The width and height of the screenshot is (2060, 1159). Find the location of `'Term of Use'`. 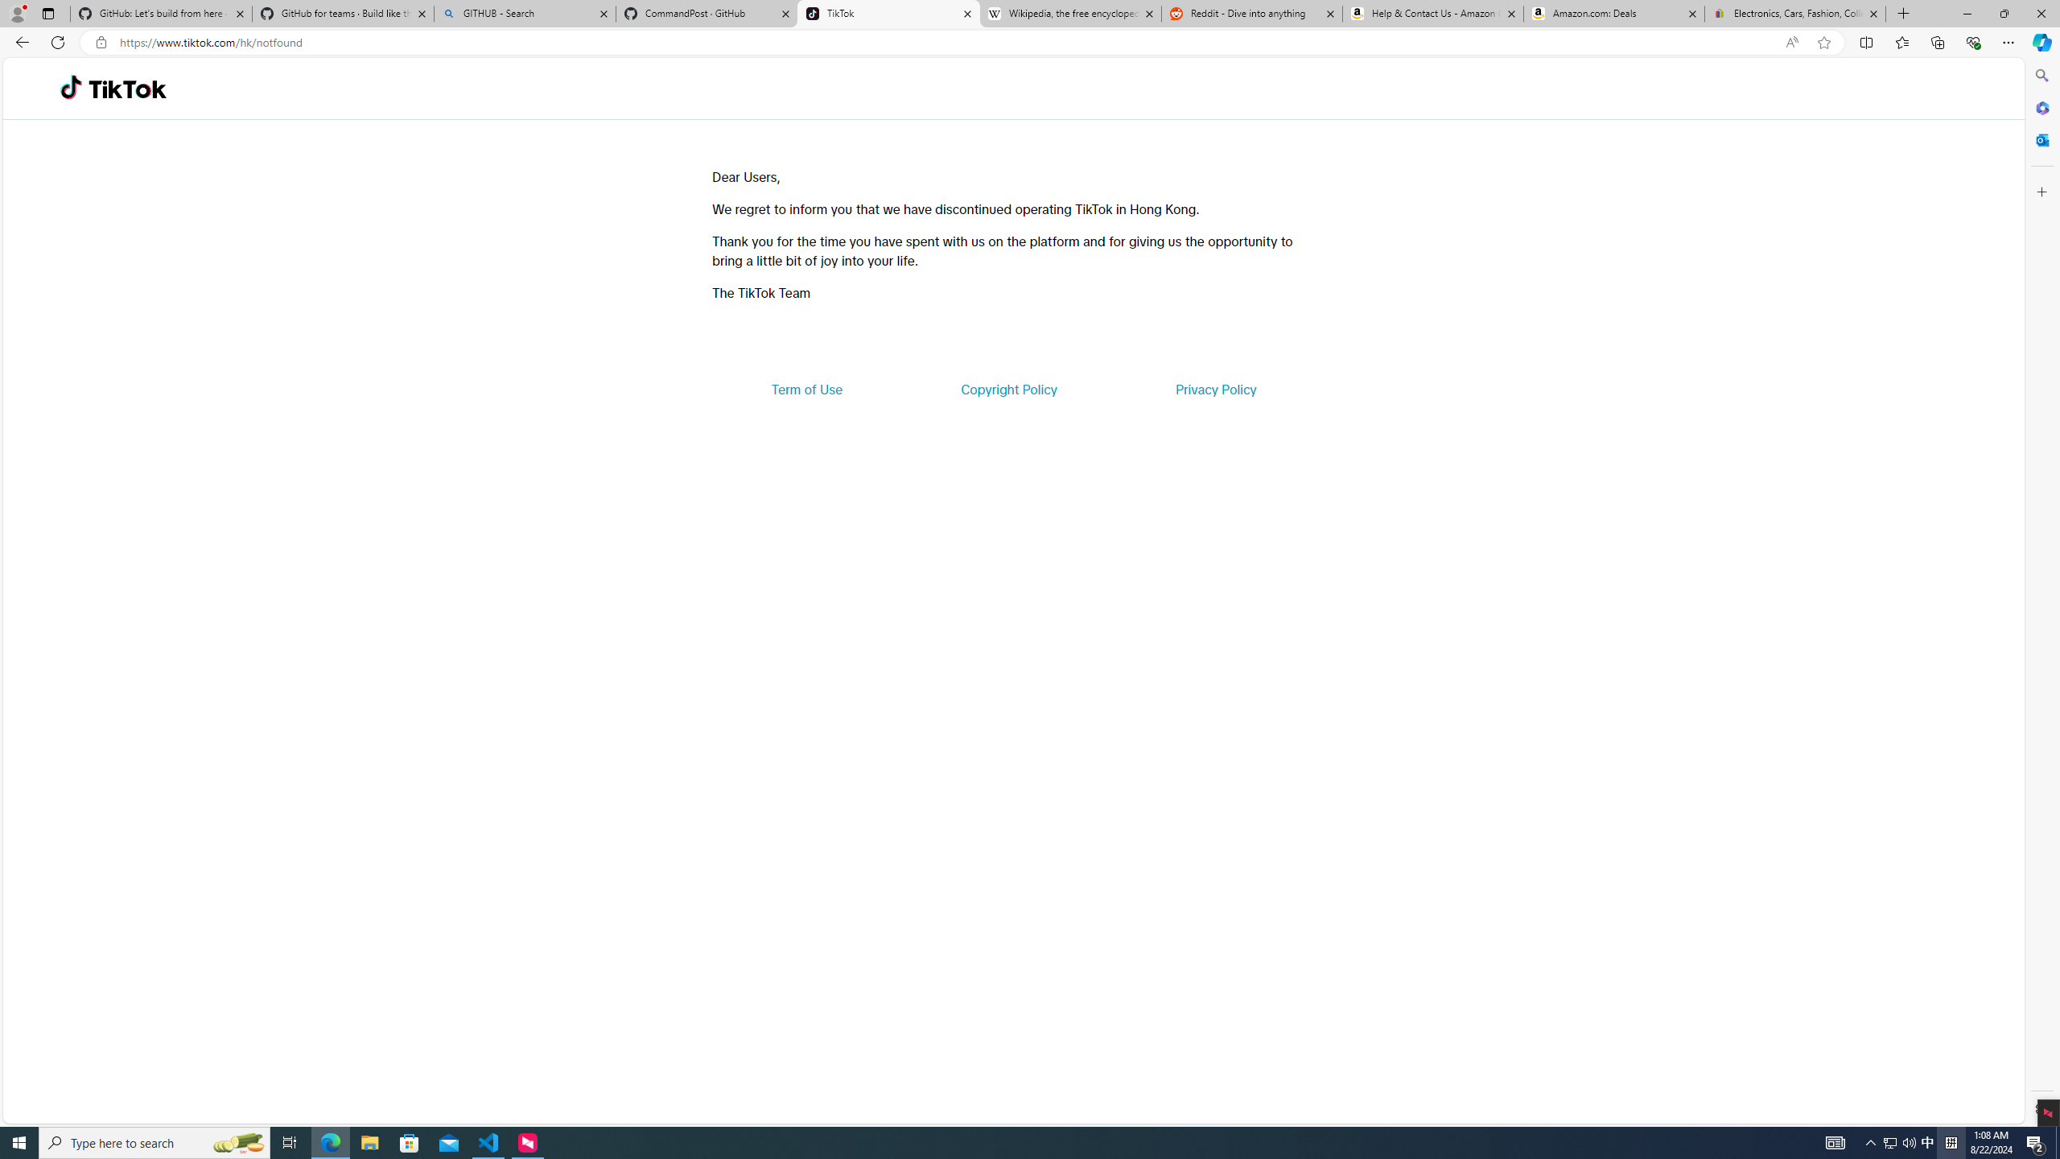

'Term of Use' is located at coordinates (806, 388).